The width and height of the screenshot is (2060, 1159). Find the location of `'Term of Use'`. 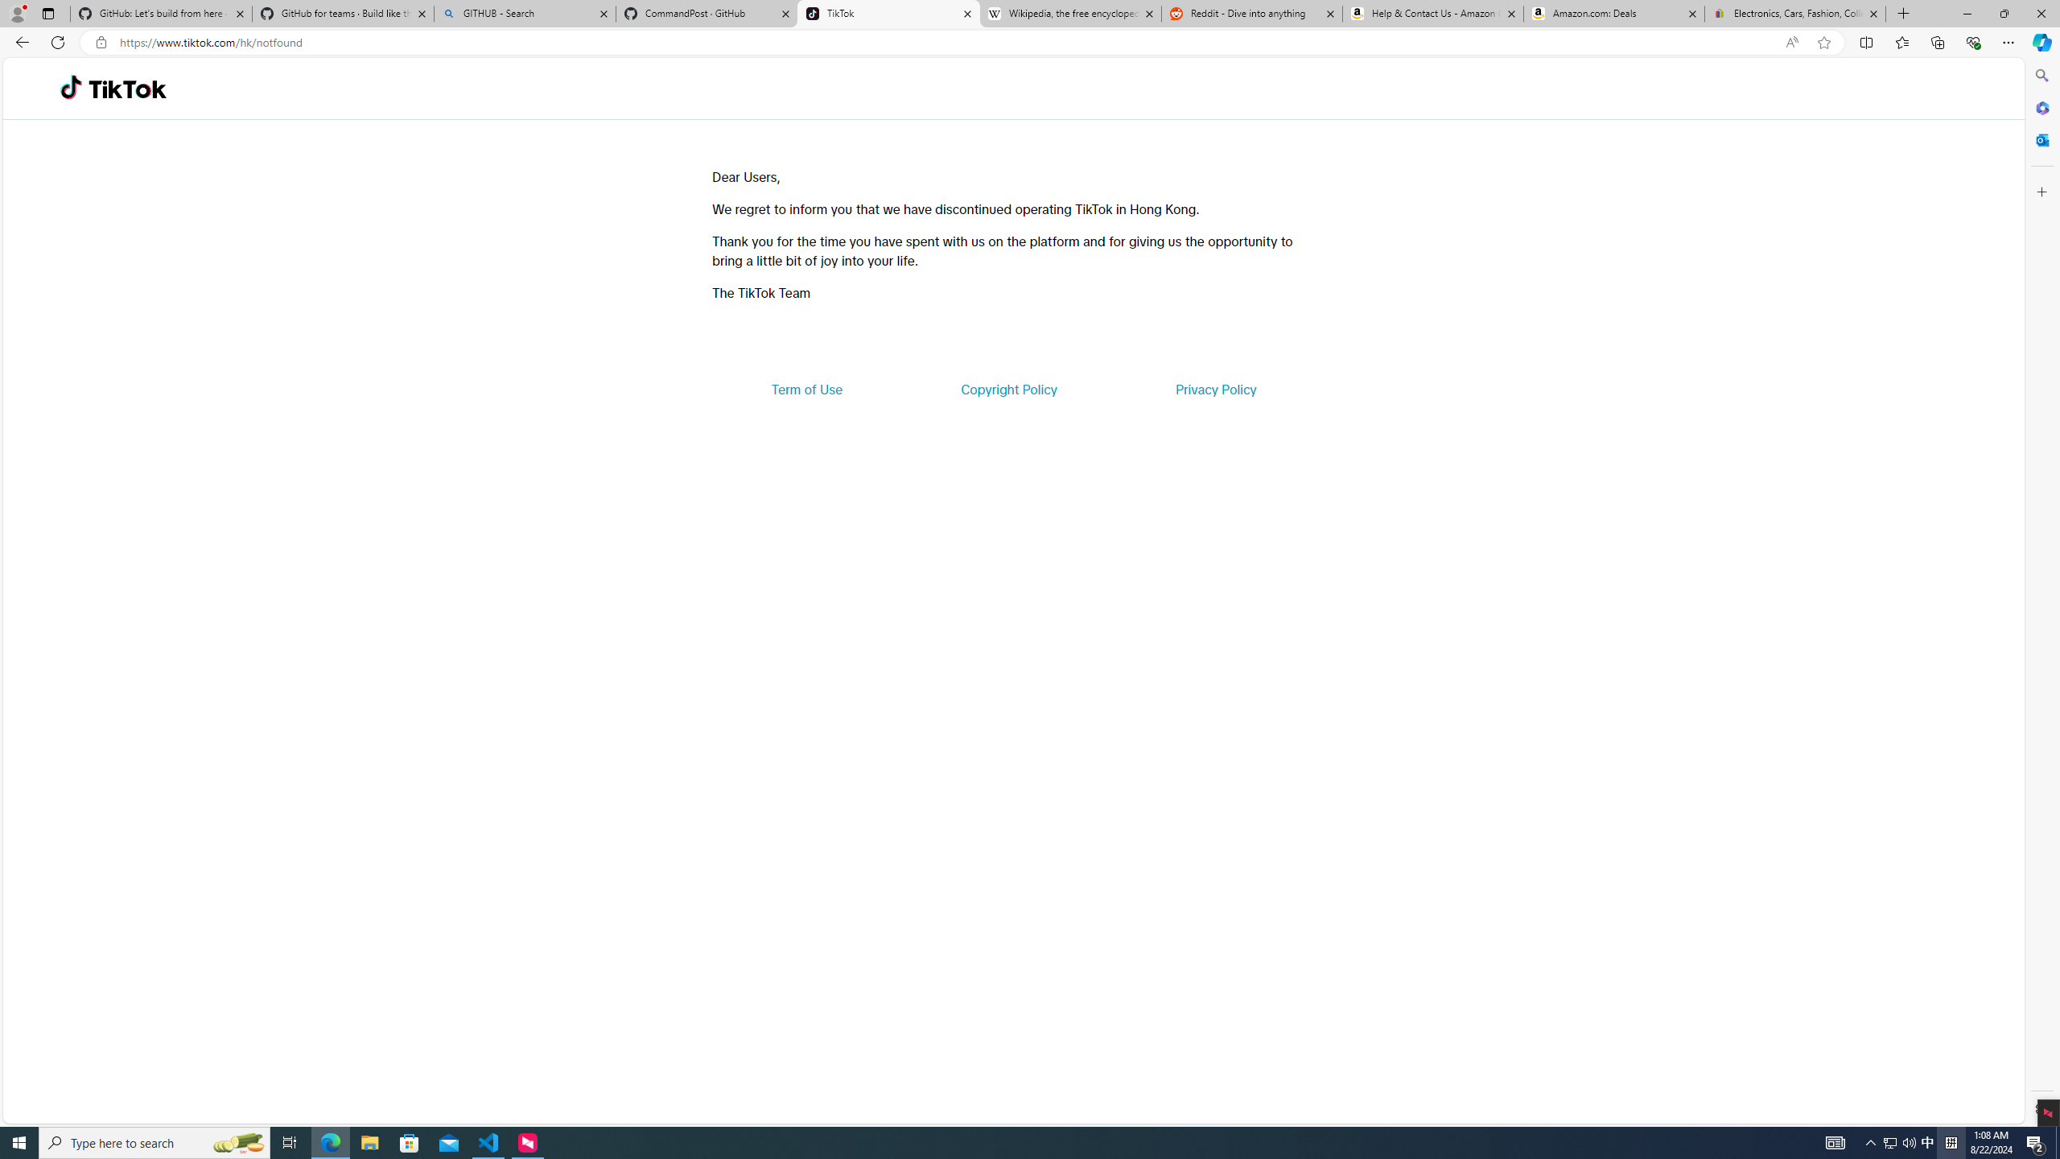

'Term of Use' is located at coordinates (806, 388).